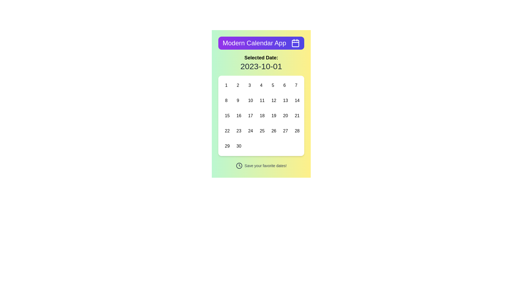 The height and width of the screenshot is (293, 522). I want to click on the date '6' button in the calendar interface, so click(284, 85).